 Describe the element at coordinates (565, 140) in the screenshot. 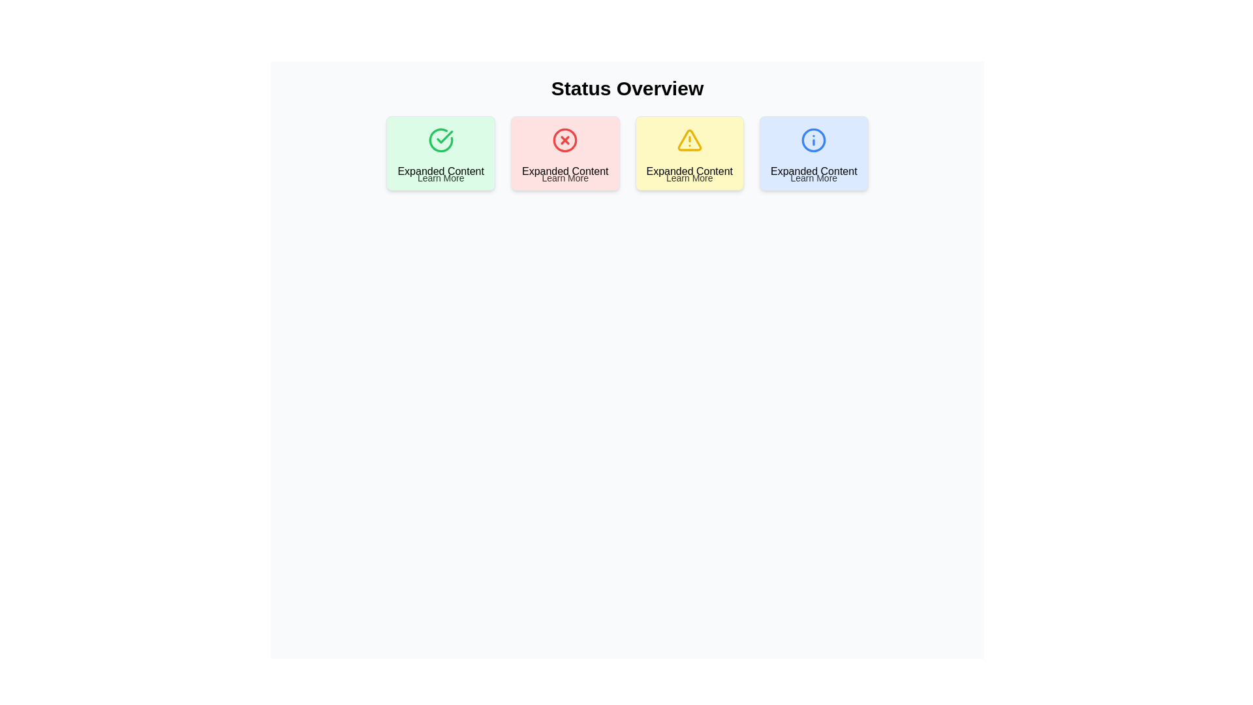

I see `the circular component of the cancel icon, which is the second icon from the left under the 'Status Overview' header, surrounded by a red square background` at that location.